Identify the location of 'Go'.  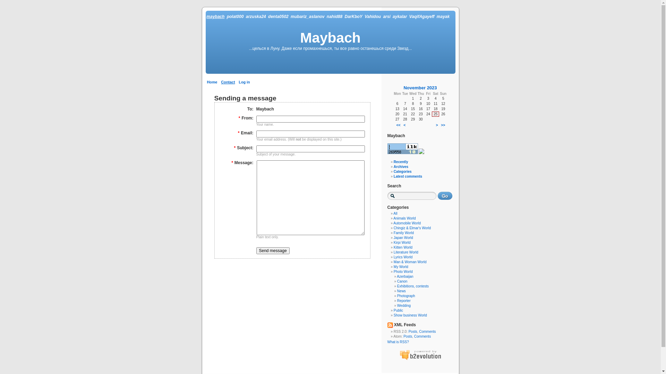
(445, 196).